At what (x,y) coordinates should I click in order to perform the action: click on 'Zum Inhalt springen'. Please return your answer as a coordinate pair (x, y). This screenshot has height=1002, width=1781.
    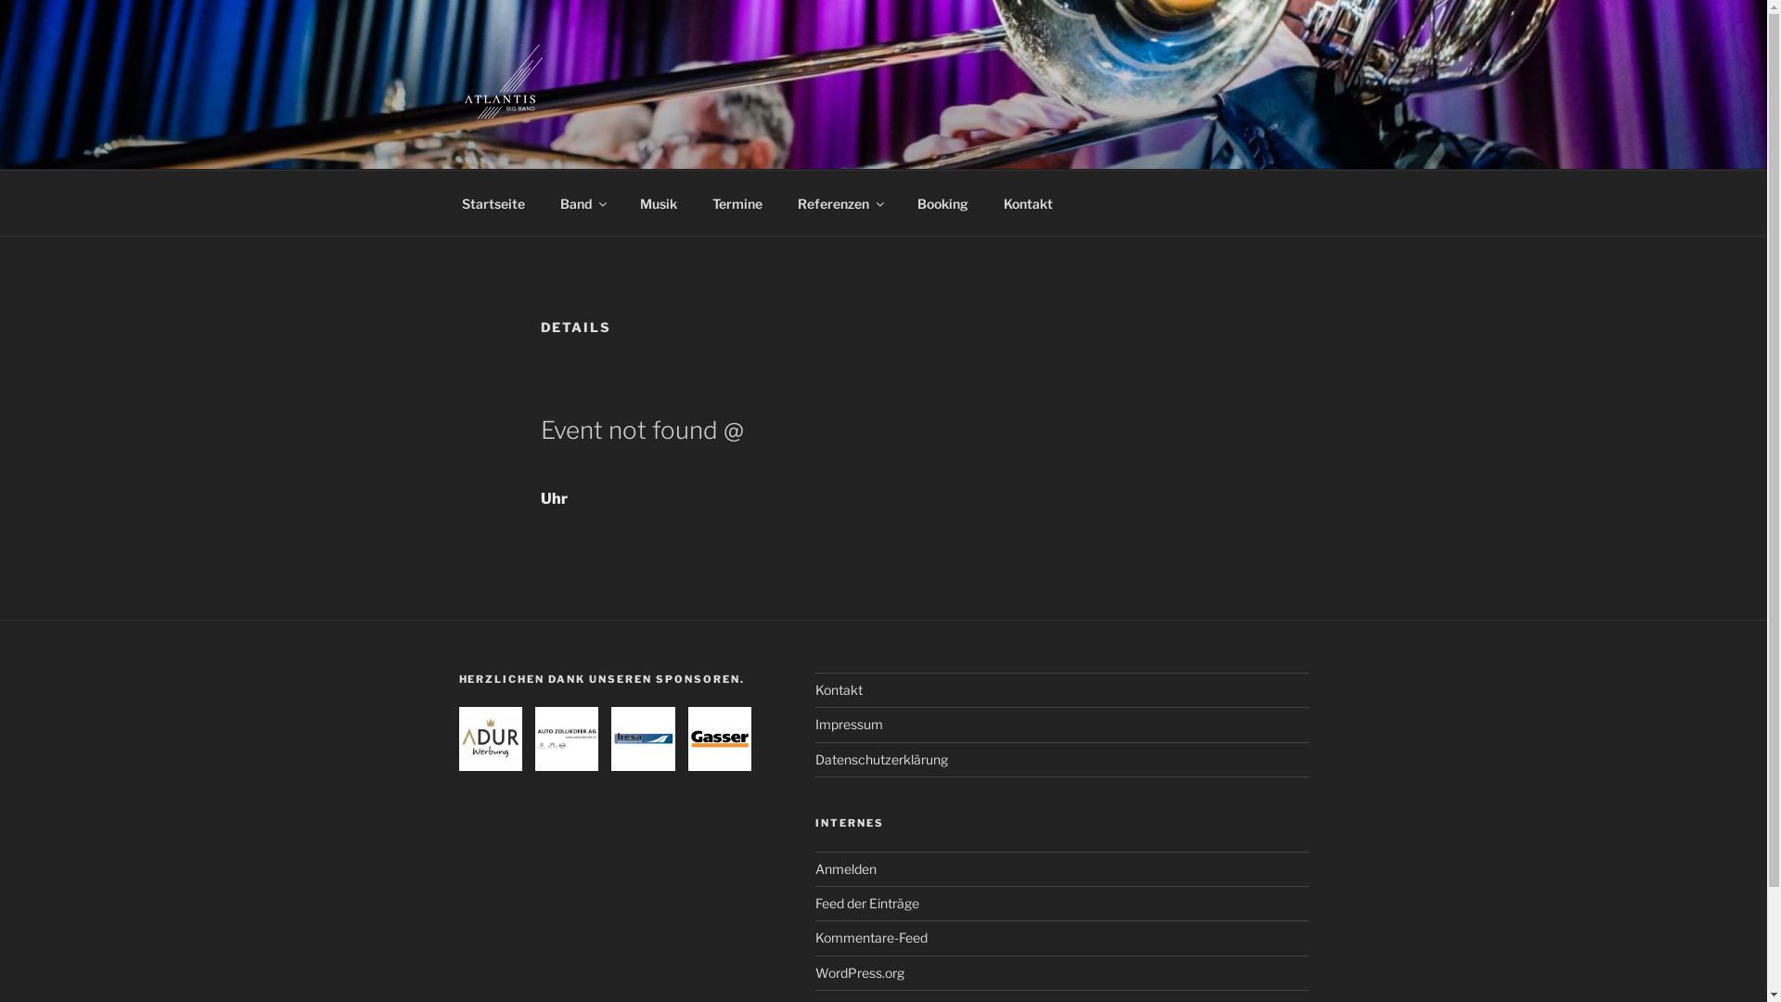
    Looking at the image, I should click on (0, 0).